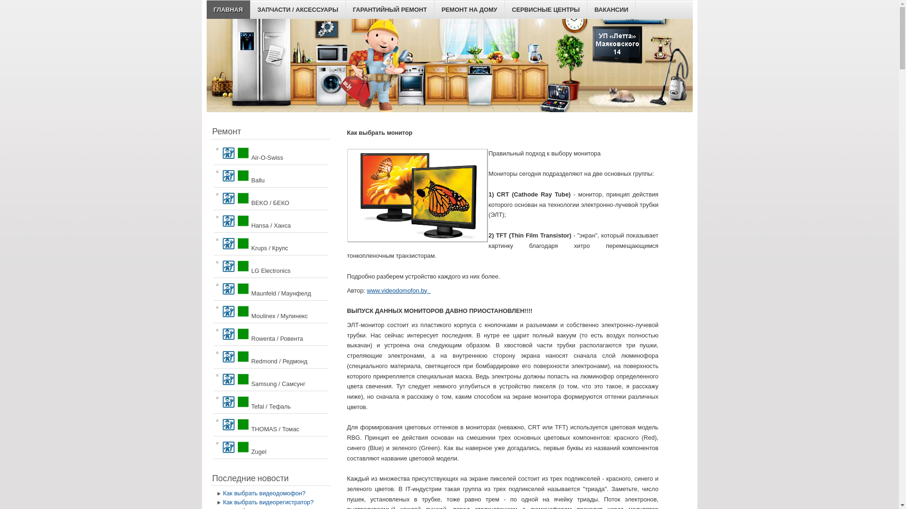  What do you see at coordinates (270, 266) in the screenshot?
I see `'LG Electronics'` at bounding box center [270, 266].